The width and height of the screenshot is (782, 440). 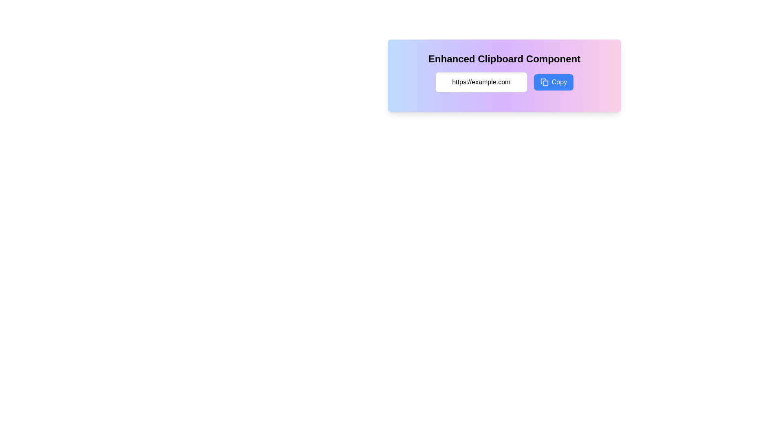 What do you see at coordinates (543, 81) in the screenshot?
I see `the 'Copy' button which features a clipboard icon` at bounding box center [543, 81].